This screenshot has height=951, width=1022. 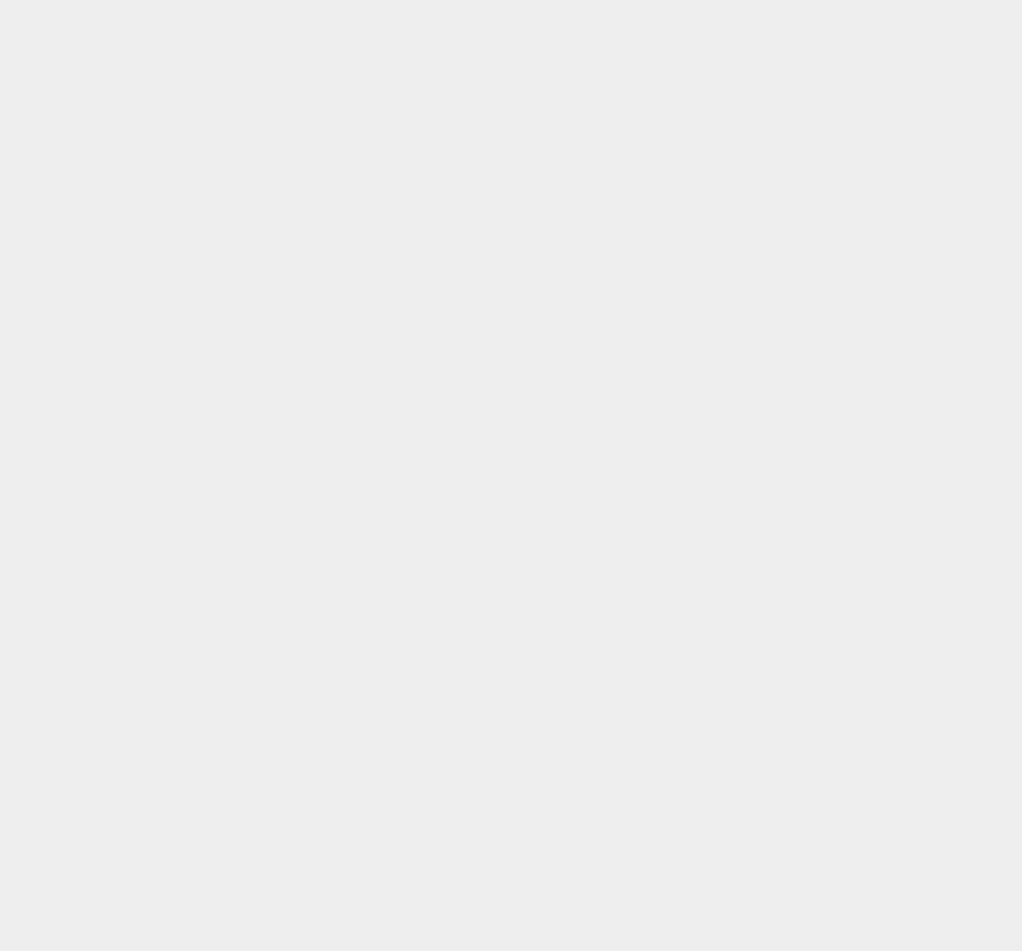 What do you see at coordinates (739, 763) in the screenshot?
I see `'Unlock'` at bounding box center [739, 763].